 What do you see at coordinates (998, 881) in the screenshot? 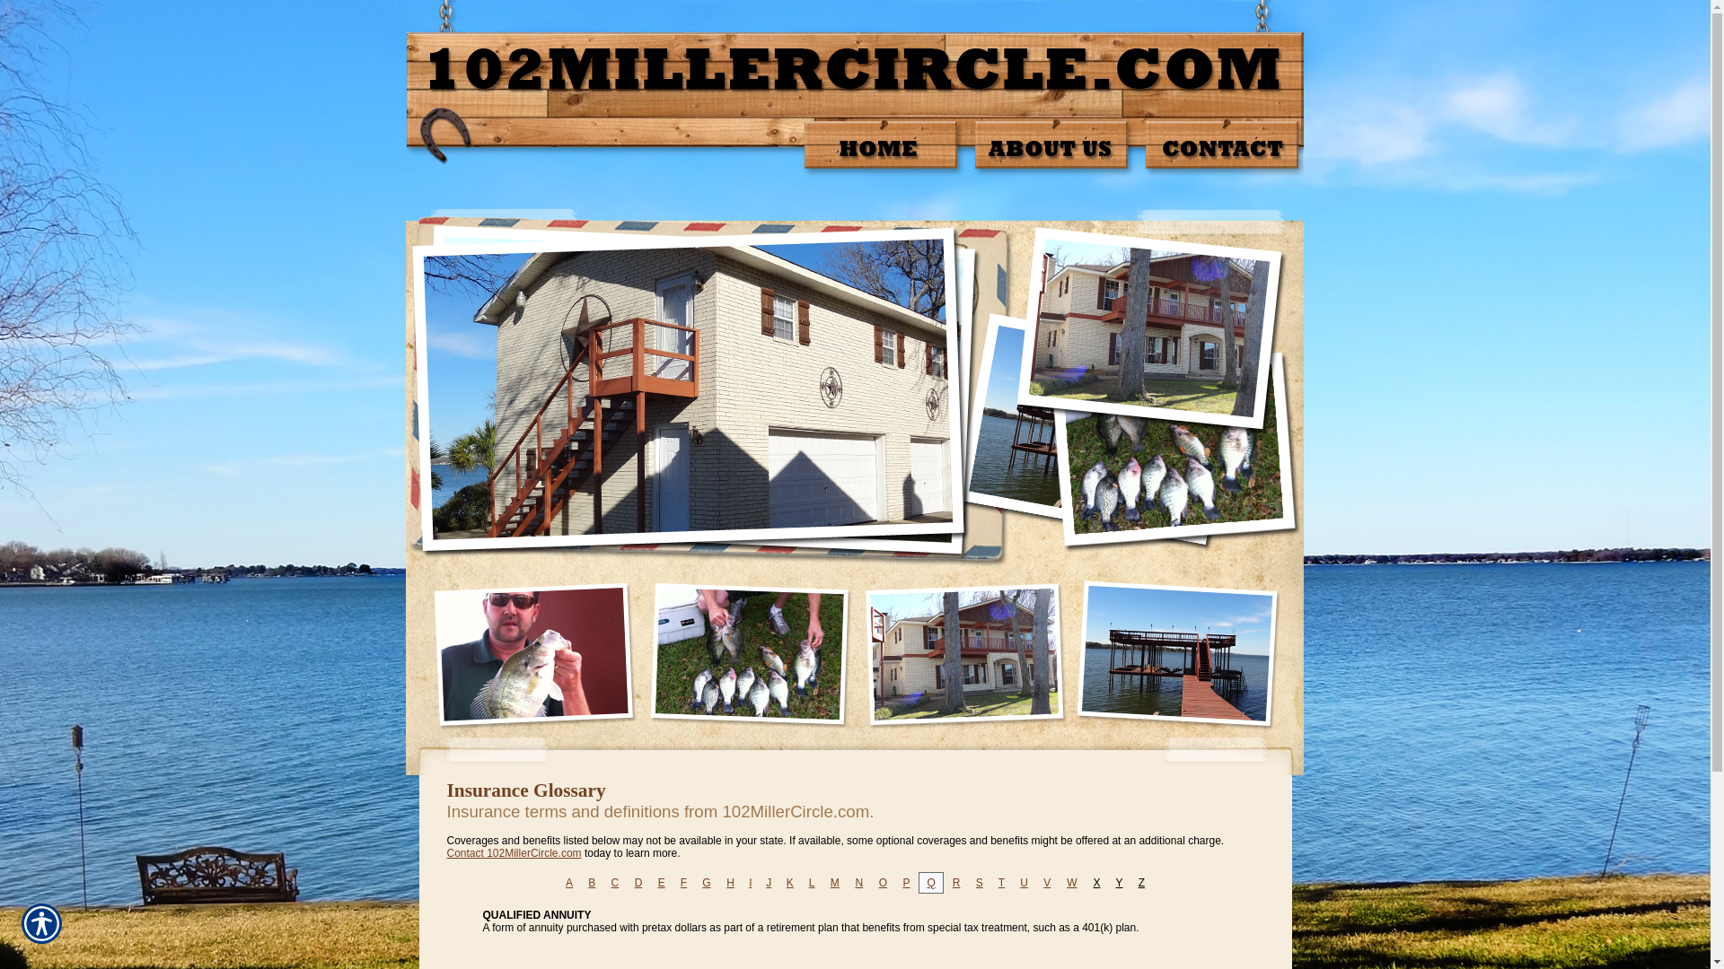
I see `'T'` at bounding box center [998, 881].